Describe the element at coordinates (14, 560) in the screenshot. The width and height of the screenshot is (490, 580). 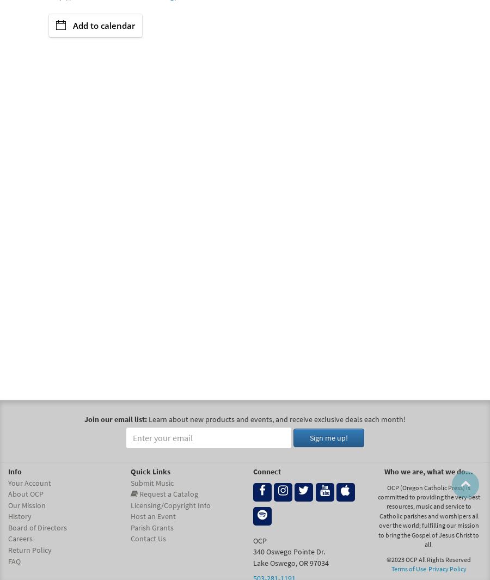
I see `'FAQ'` at that location.